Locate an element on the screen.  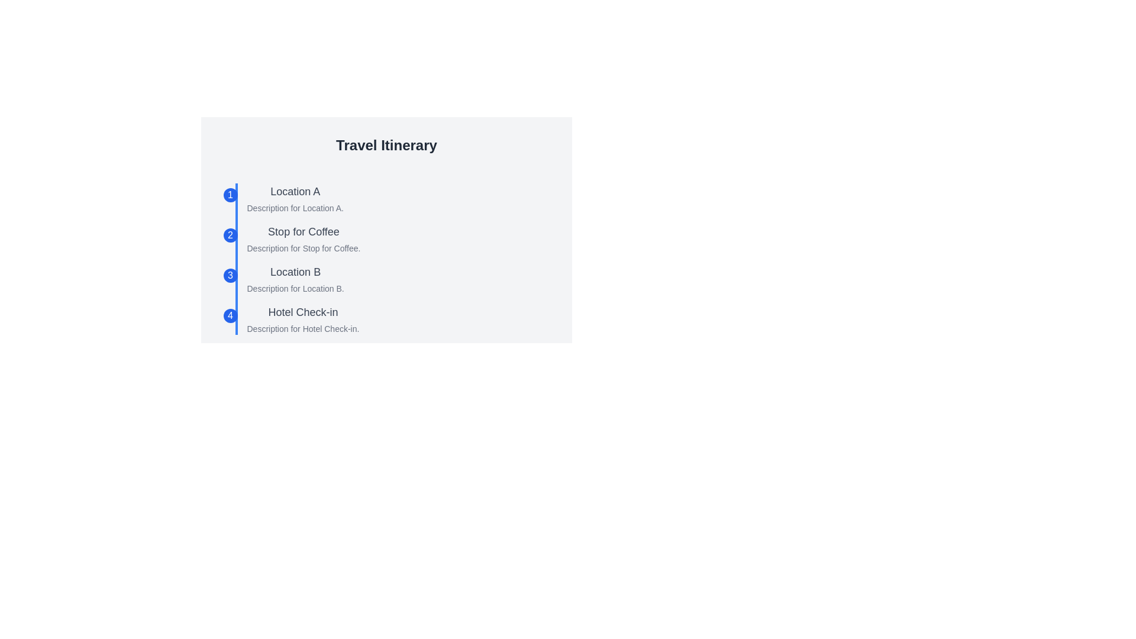
text header for 'Location B', which is the third header in a vertical list of locations, positioned below 'Stop for Coffee' and above 'Description for Location B' is located at coordinates (295, 272).